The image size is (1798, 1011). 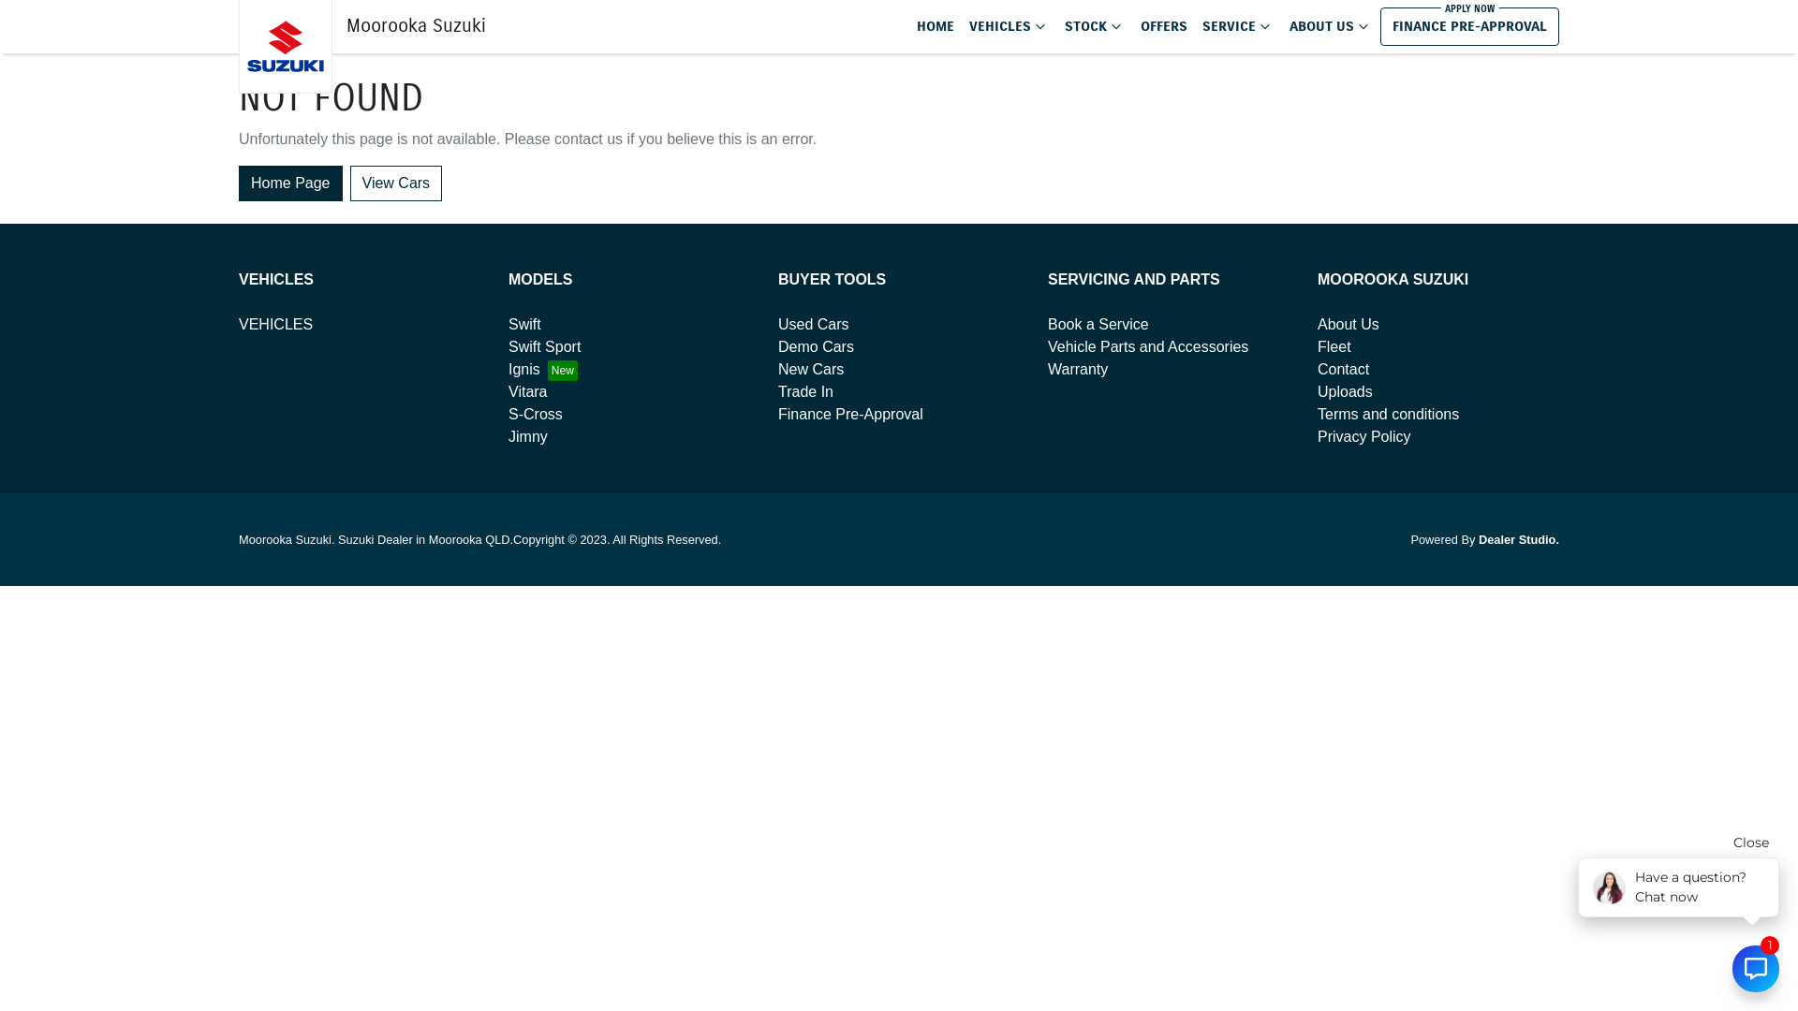 I want to click on 'S-Cross', so click(x=534, y=413).